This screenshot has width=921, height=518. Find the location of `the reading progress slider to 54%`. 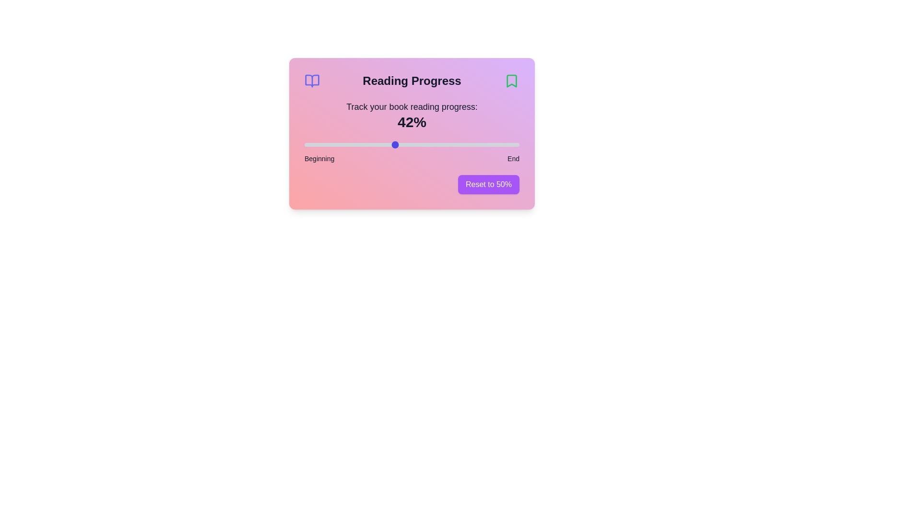

the reading progress slider to 54% is located at coordinates (420, 144).